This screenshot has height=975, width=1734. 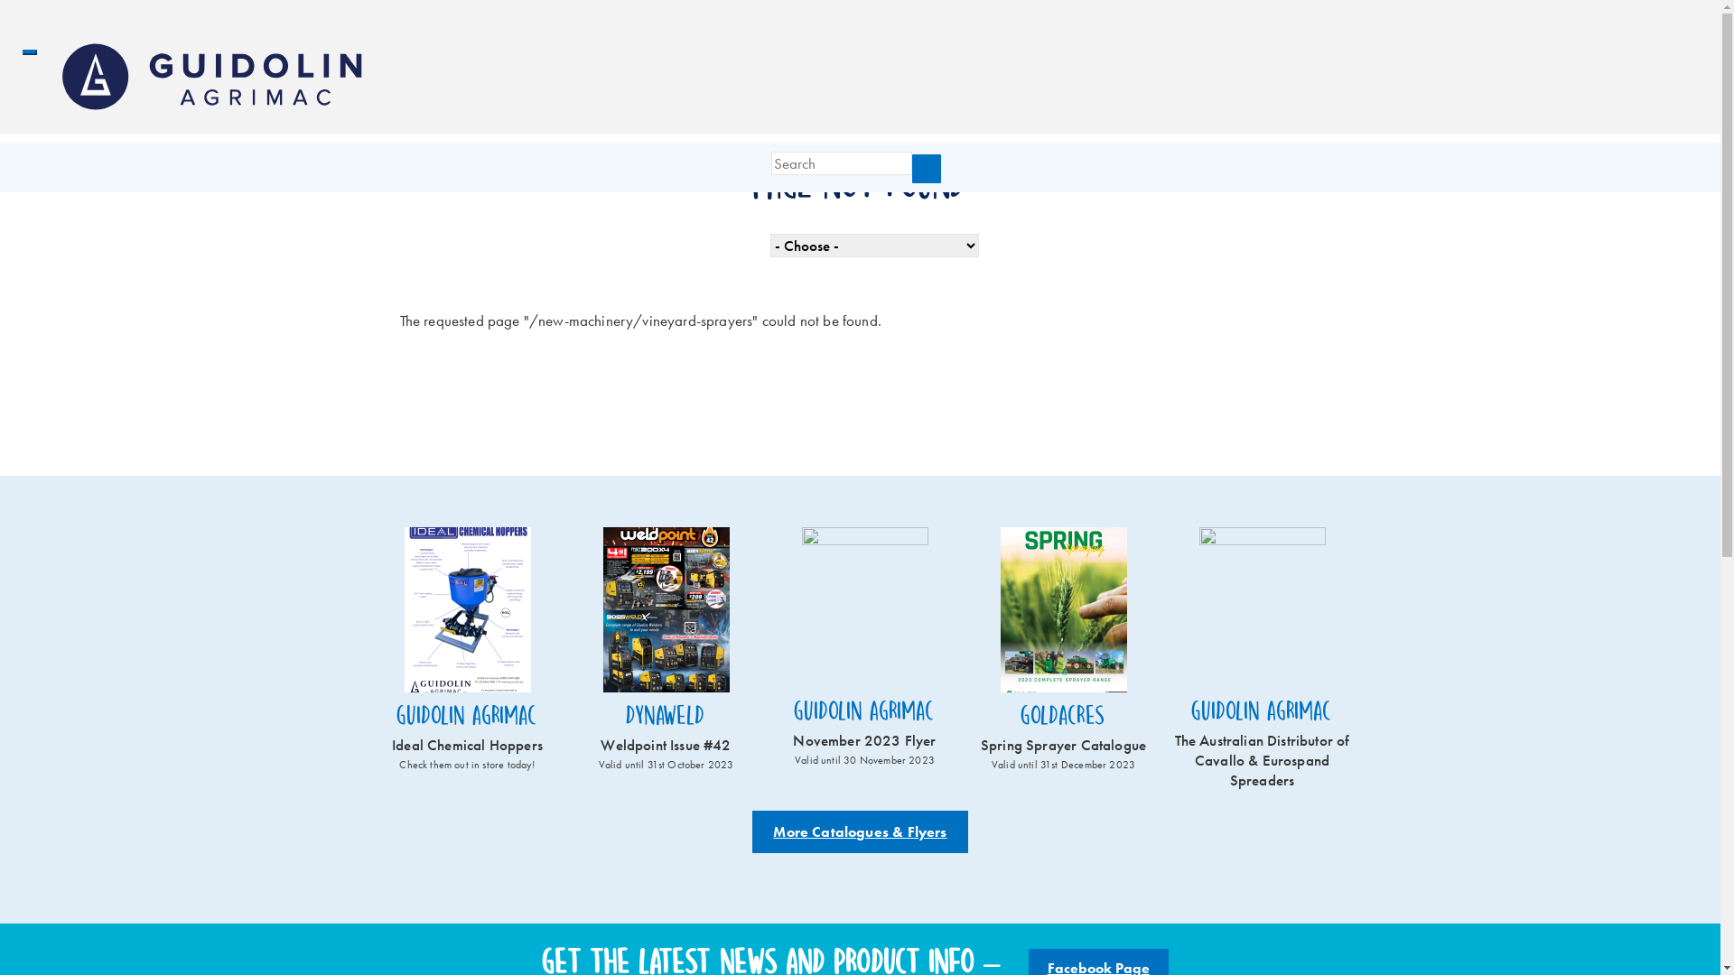 I want to click on 'Home', so click(x=217, y=75).